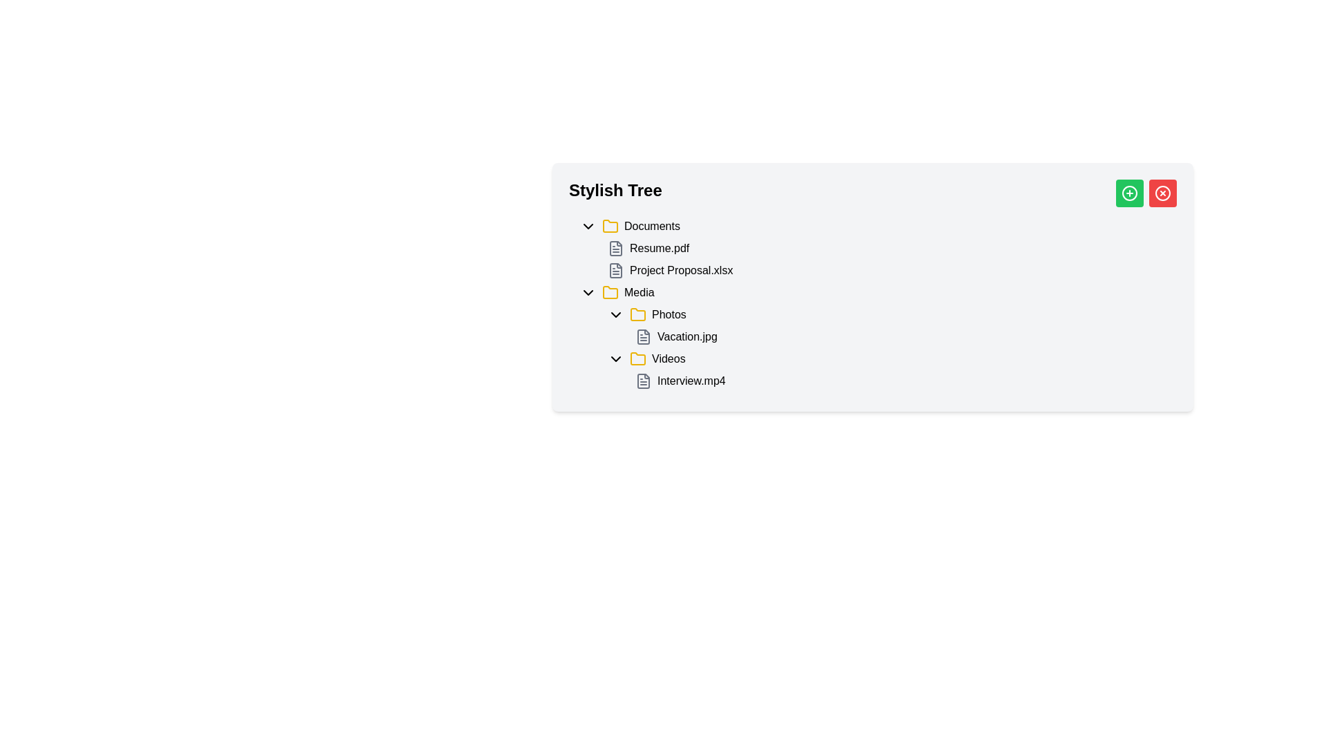 The width and height of the screenshot is (1326, 746). Describe the element at coordinates (615, 271) in the screenshot. I see `the icon representing the file type for 'Project Proposal.xlsx', which is located to the left of the text within the 'Documents' folder of the tree structure interface` at that location.